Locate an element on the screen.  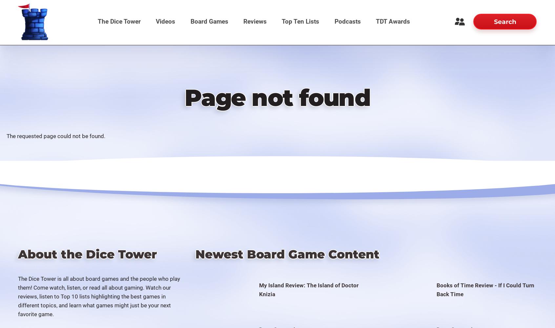
'The Dice Tower Awards 2009' is located at coordinates (389, 189).